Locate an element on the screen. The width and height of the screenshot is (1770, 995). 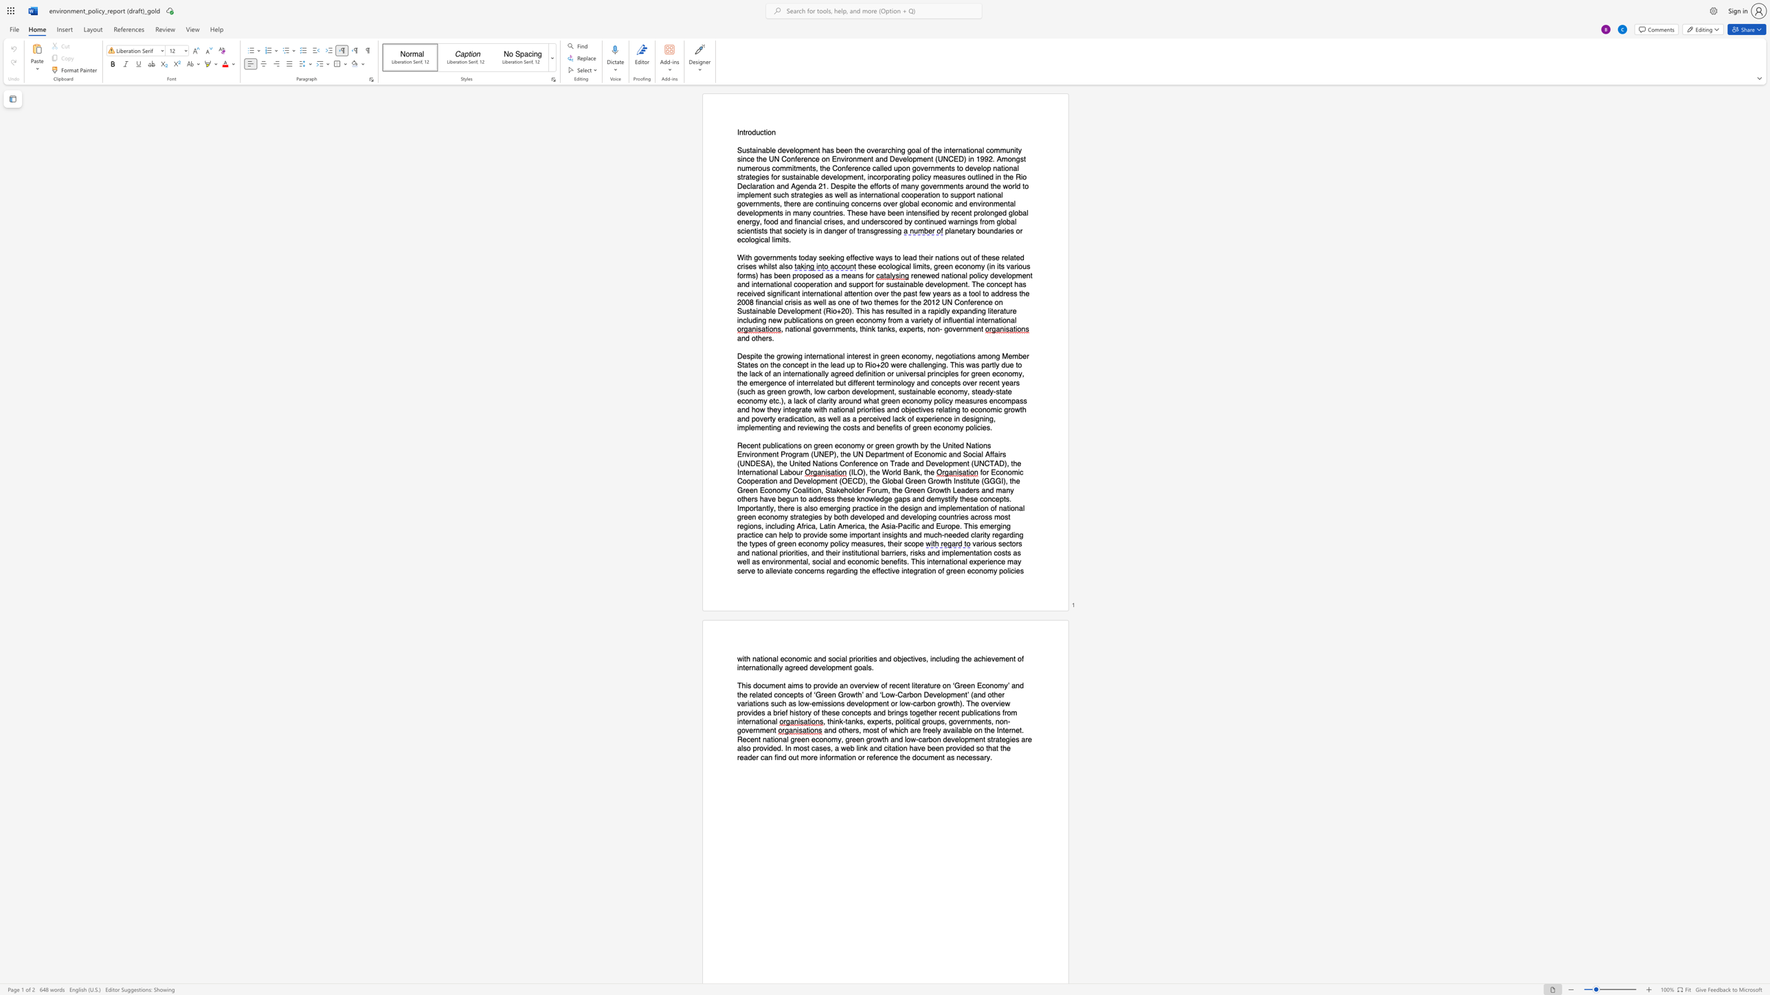
the subset text "objectiv" within the text "objectives" is located at coordinates (893, 659).